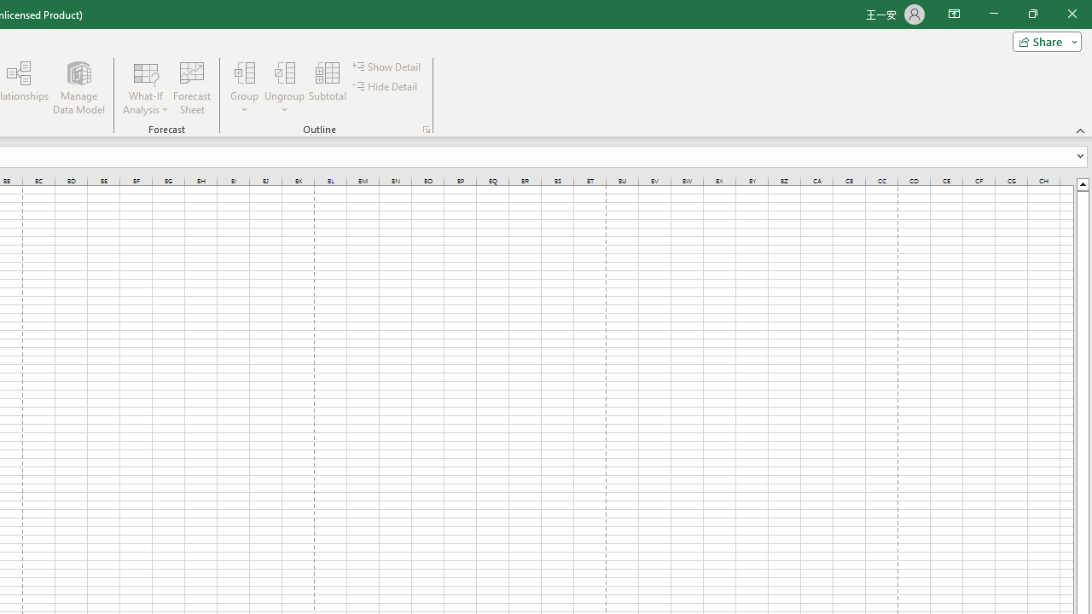 This screenshot has height=614, width=1092. Describe the element at coordinates (285, 88) in the screenshot. I see `'Ungroup...'` at that location.